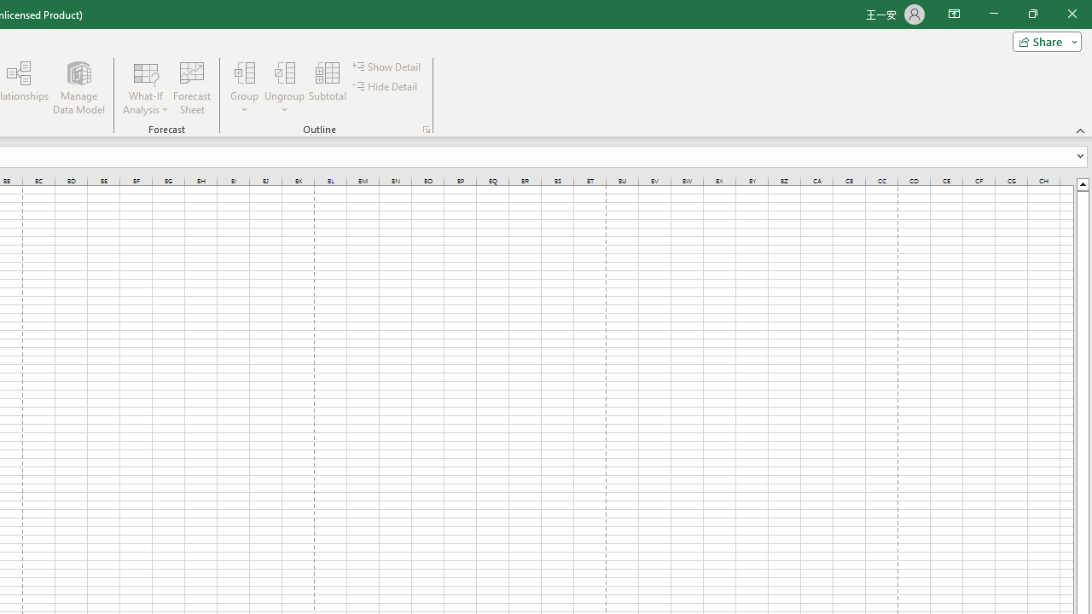 This screenshot has height=614, width=1092. Describe the element at coordinates (285, 88) in the screenshot. I see `'Ungroup...'` at that location.